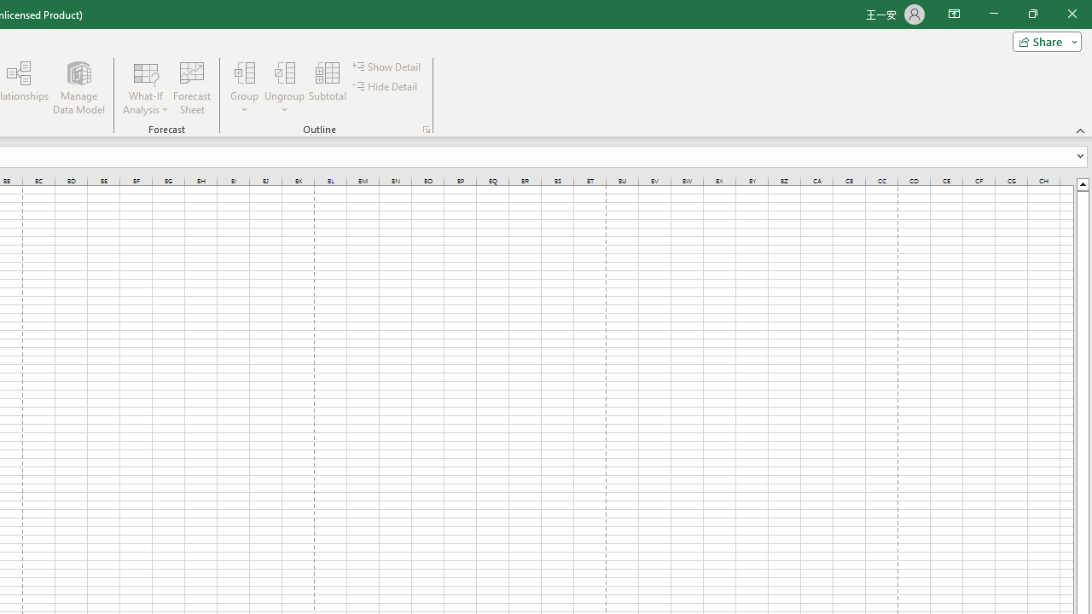 This screenshot has height=614, width=1092. Describe the element at coordinates (285, 88) in the screenshot. I see `'Ungroup...'` at that location.